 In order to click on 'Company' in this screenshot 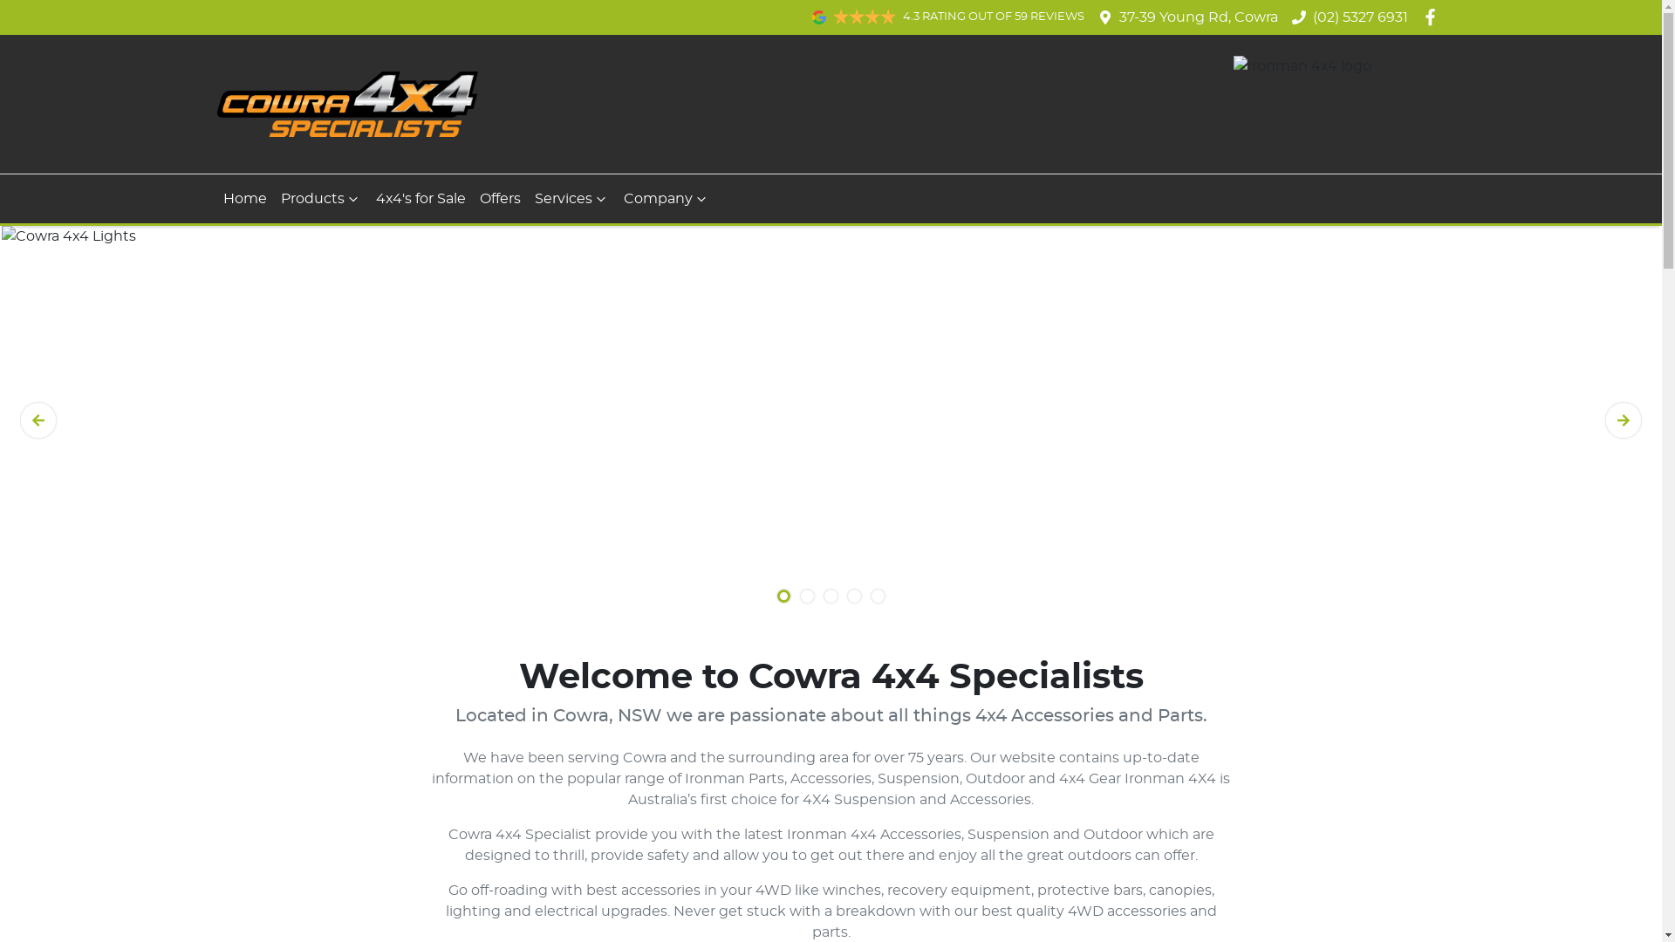, I will do `click(665, 197)`.